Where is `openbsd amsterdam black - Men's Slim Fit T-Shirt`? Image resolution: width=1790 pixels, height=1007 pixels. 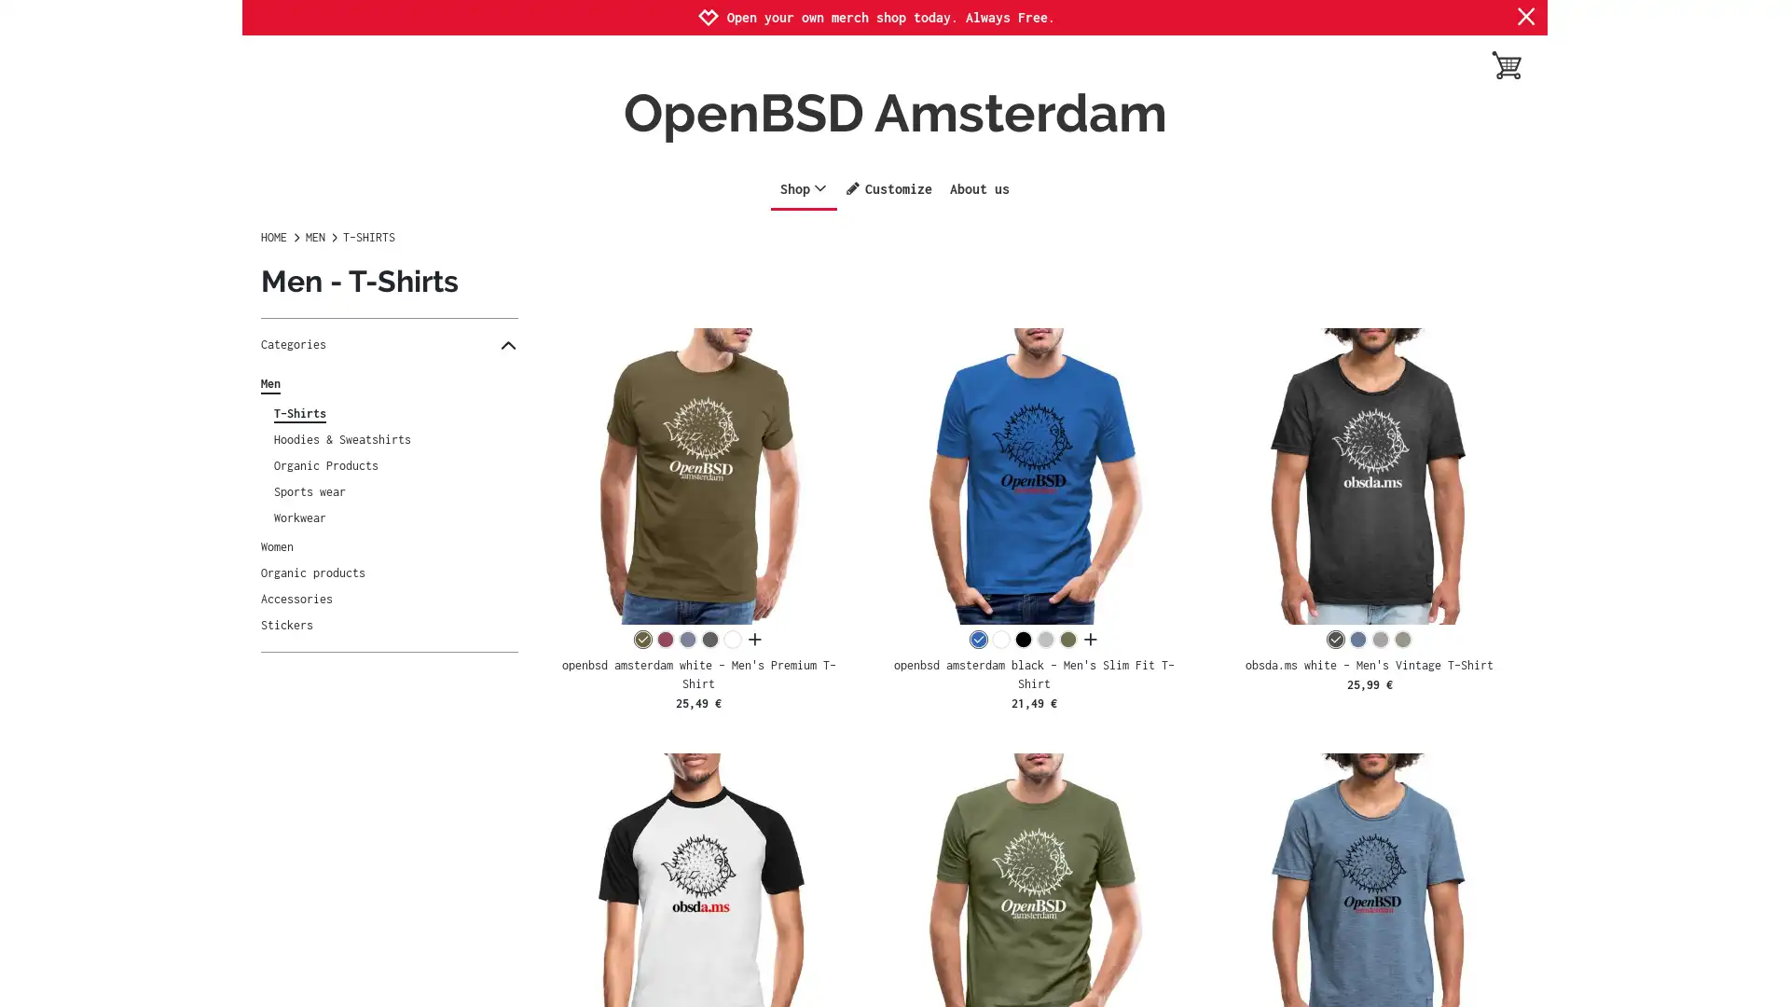
openbsd amsterdam black - Men's Slim Fit T-Shirt is located at coordinates (1032, 475).